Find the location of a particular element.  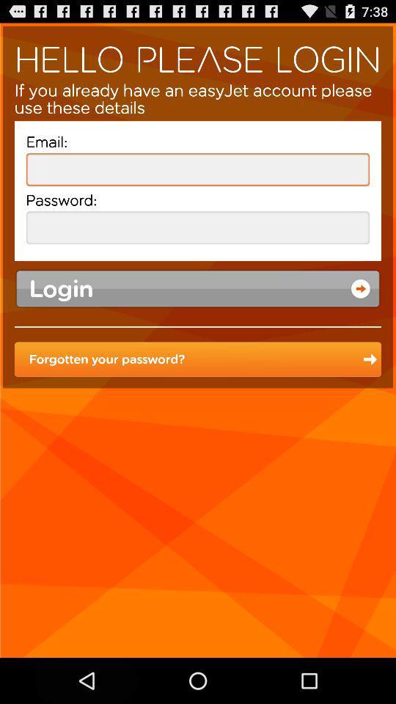

insert email is located at coordinates (198, 169).